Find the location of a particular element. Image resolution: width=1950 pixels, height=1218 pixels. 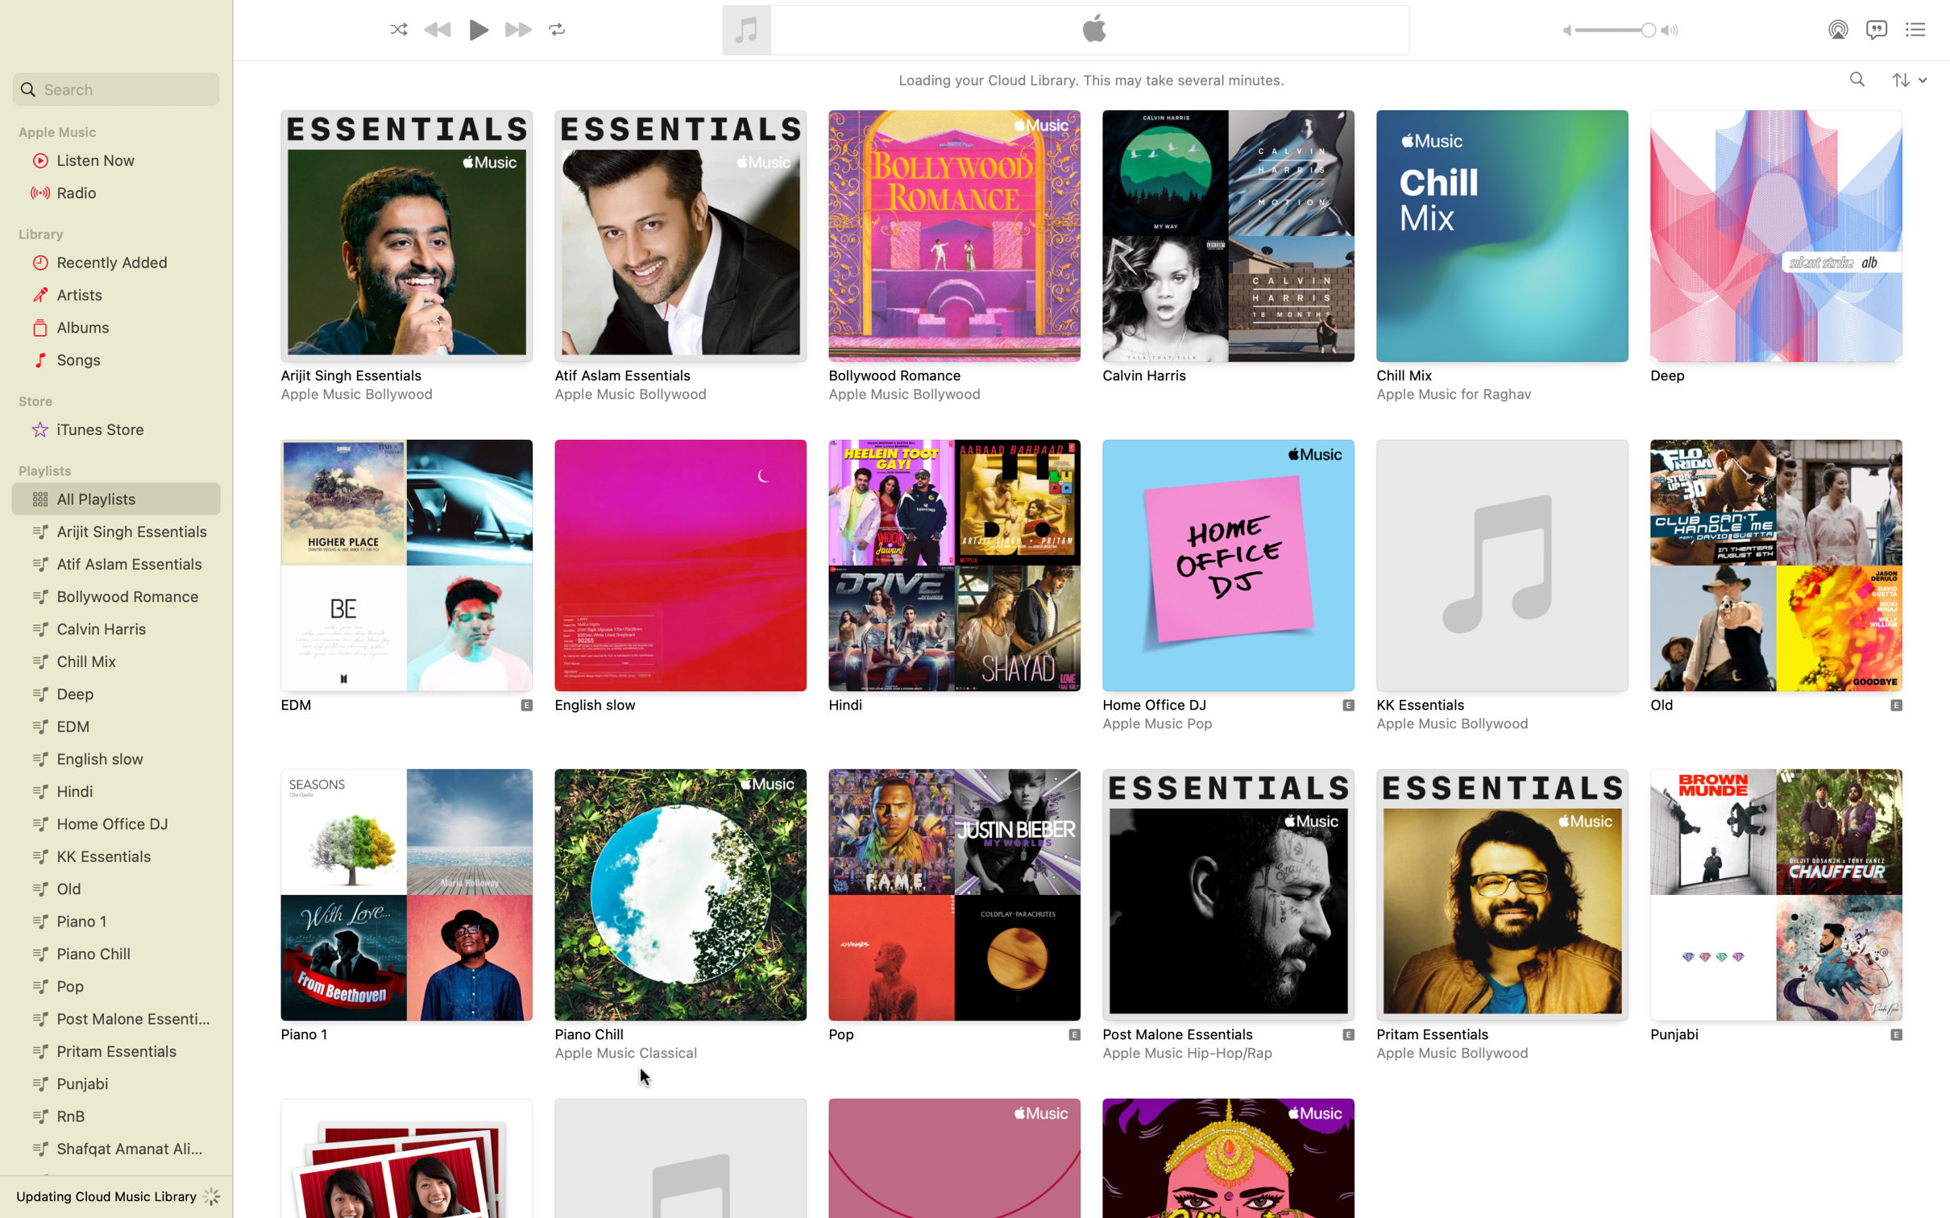

and choose the Bollywood Romance playlist is located at coordinates (951, 257).